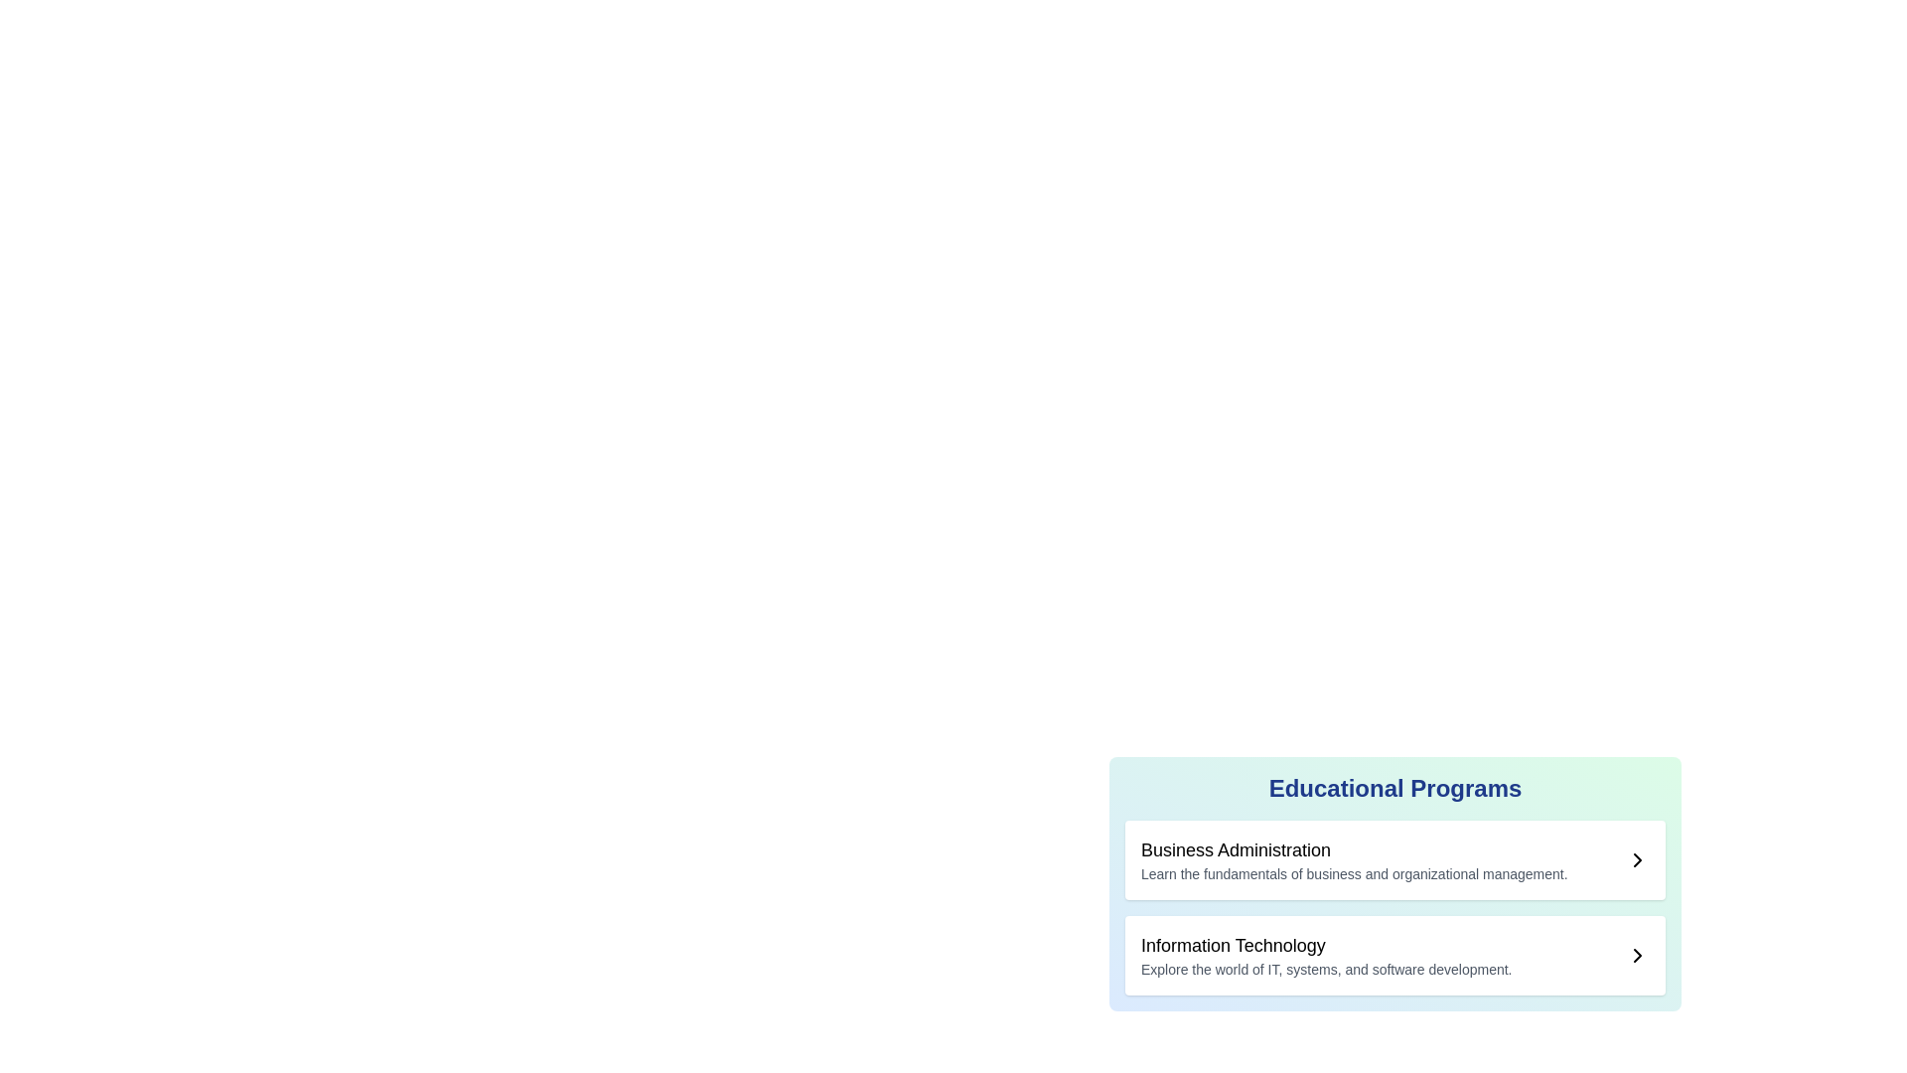 The height and width of the screenshot is (1073, 1907). What do you see at coordinates (1353, 872) in the screenshot?
I see `descriptive text element located below the 'Business Administration' header in the 'Educational Programs' section, which provides context and additional details about the topic` at bounding box center [1353, 872].